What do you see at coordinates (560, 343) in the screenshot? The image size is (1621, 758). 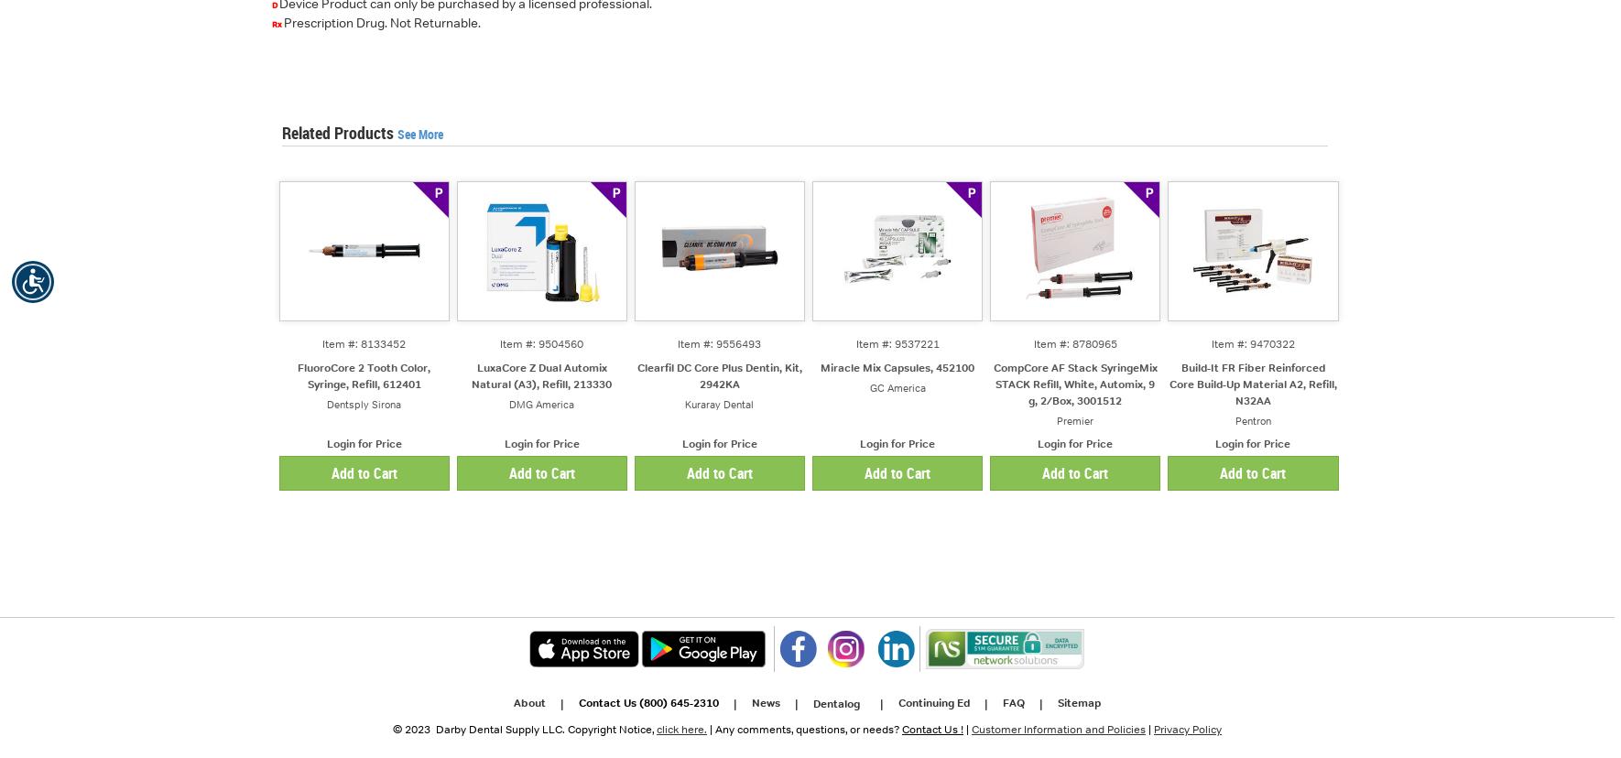 I see `'9504560'` at bounding box center [560, 343].